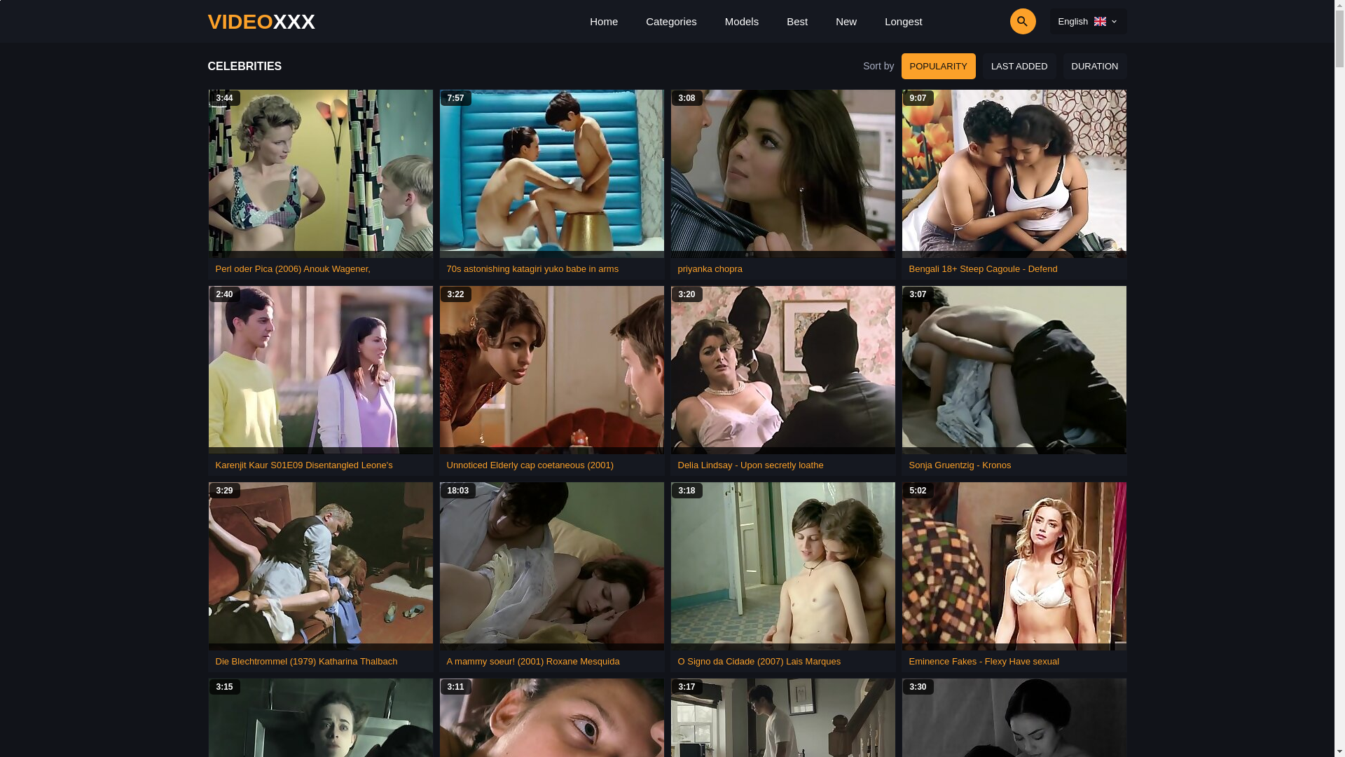 This screenshot has height=757, width=1345. What do you see at coordinates (796, 21) in the screenshot?
I see `'Best'` at bounding box center [796, 21].